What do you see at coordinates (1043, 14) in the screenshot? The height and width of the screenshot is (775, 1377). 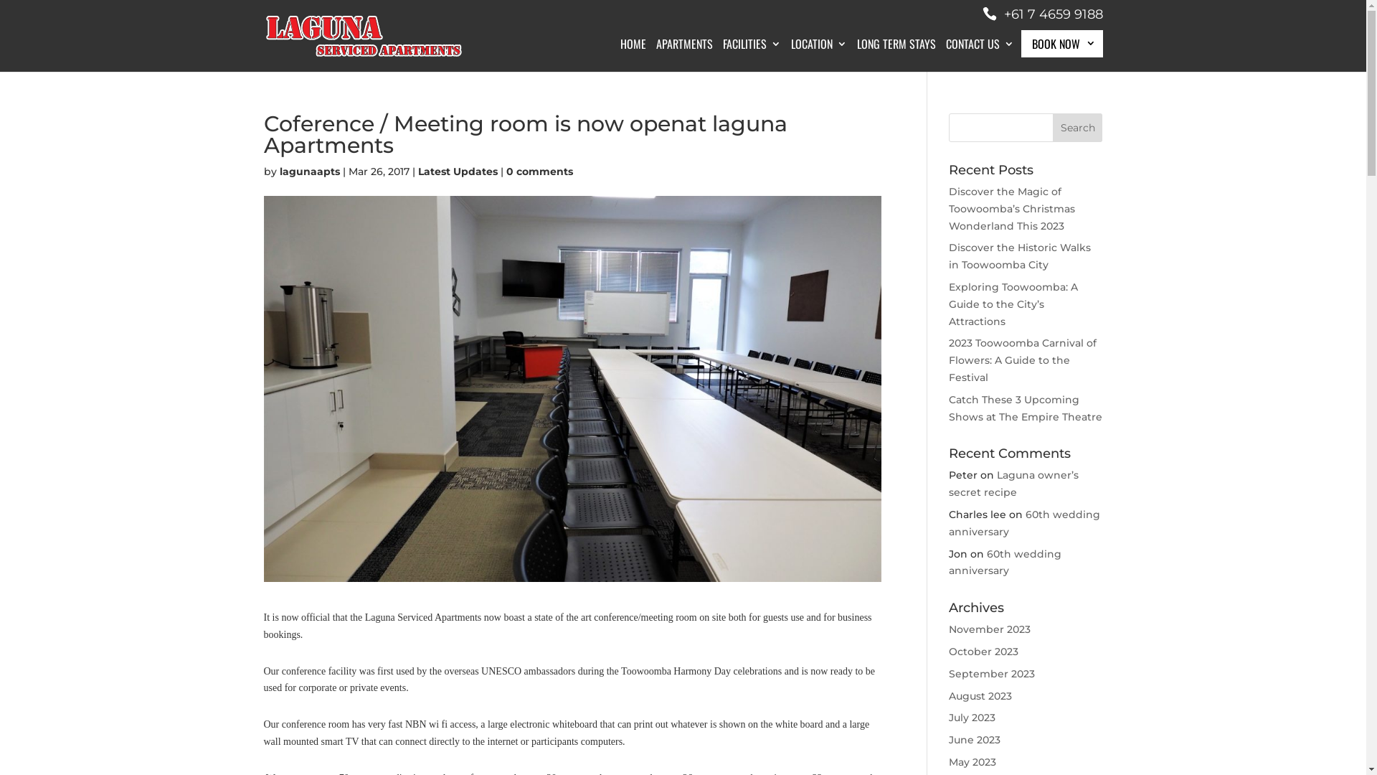 I see `'+61 7 4659 9188'` at bounding box center [1043, 14].